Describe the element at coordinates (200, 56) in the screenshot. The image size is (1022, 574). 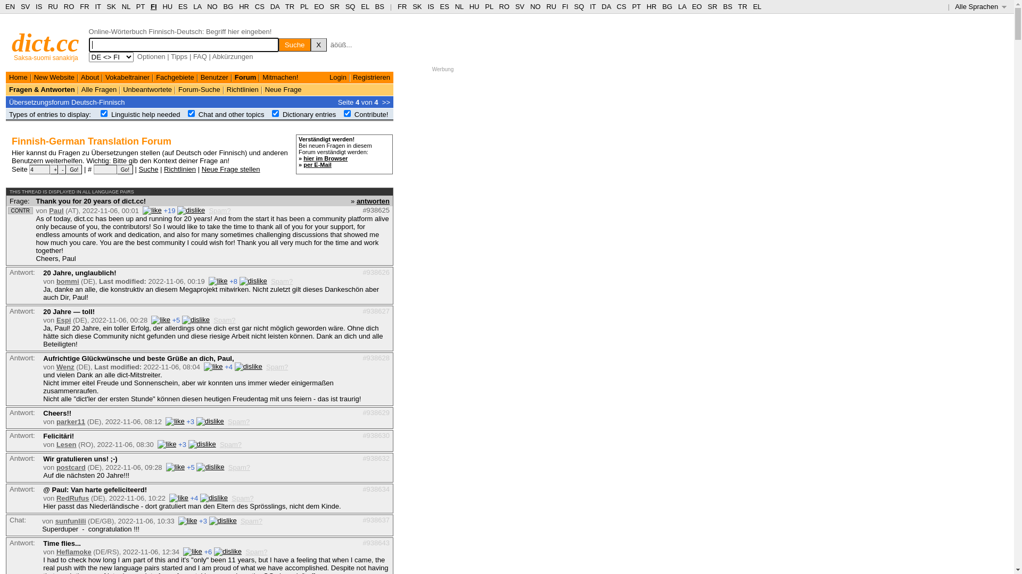
I see `'FAQ'` at that location.